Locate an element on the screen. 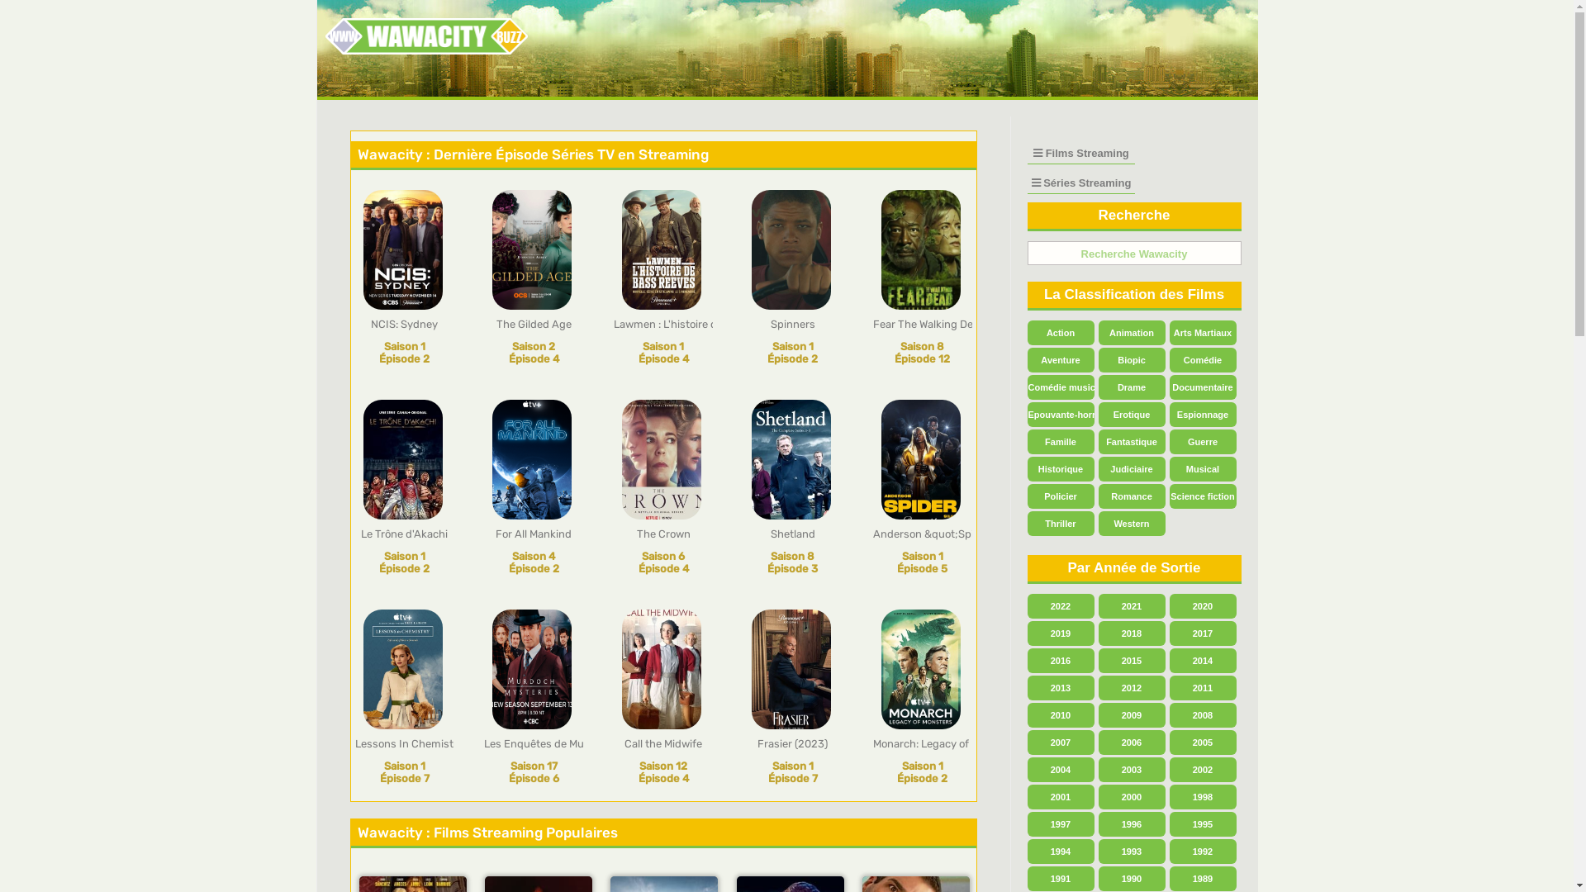  '2019' is located at coordinates (1061, 633).